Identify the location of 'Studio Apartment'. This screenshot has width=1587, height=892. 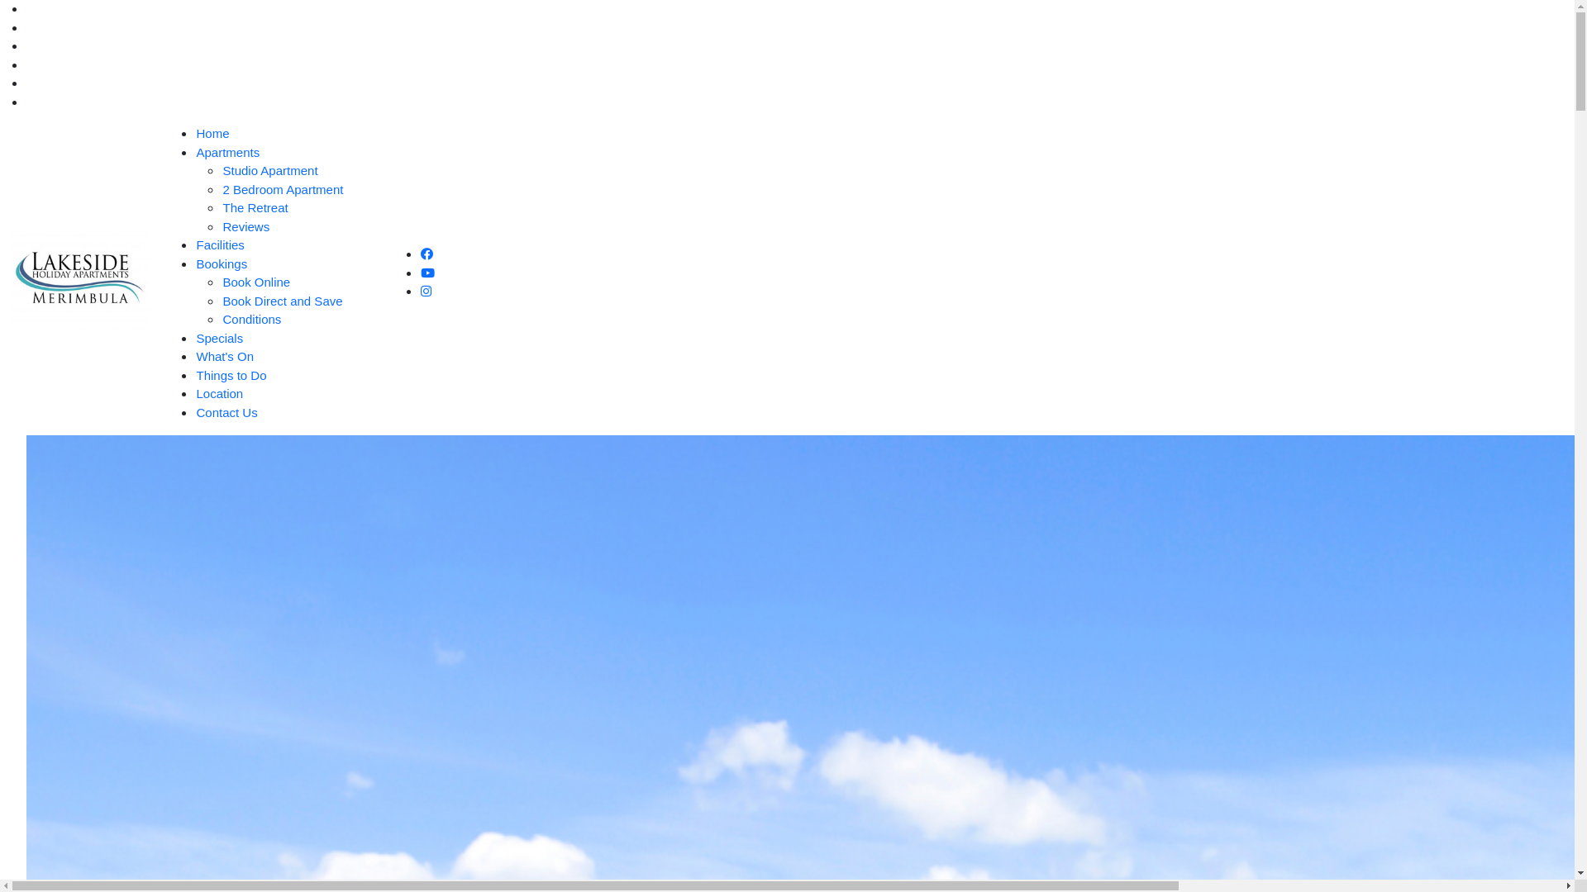
(221, 170).